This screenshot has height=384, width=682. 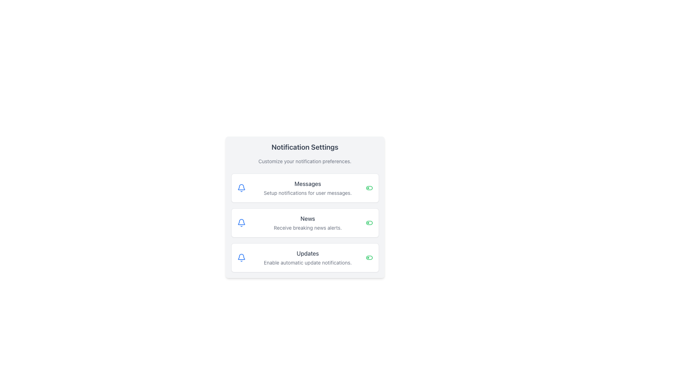 What do you see at coordinates (308, 193) in the screenshot?
I see `the static text element that provides additional information about the 'Messages' title, located in the 'Notification Settings' section` at bounding box center [308, 193].